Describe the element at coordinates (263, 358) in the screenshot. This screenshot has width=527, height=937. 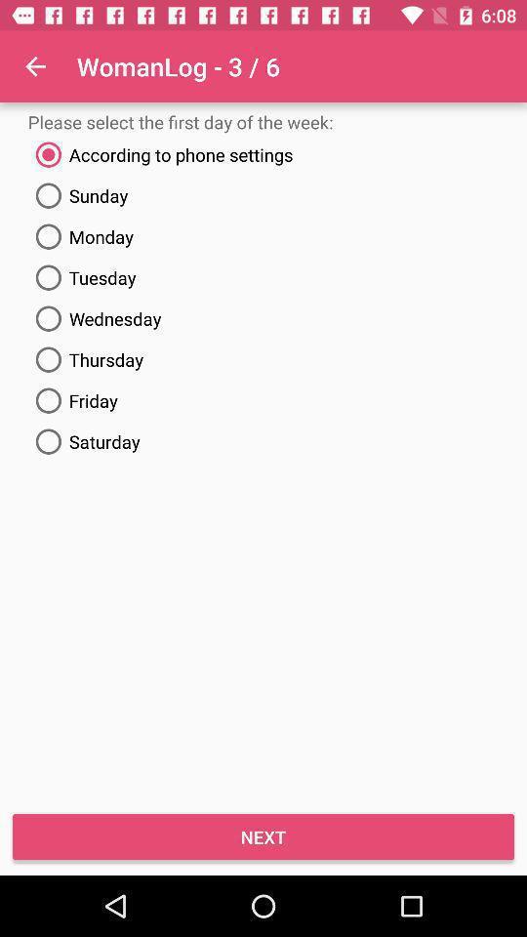
I see `the item below the wednesday icon` at that location.